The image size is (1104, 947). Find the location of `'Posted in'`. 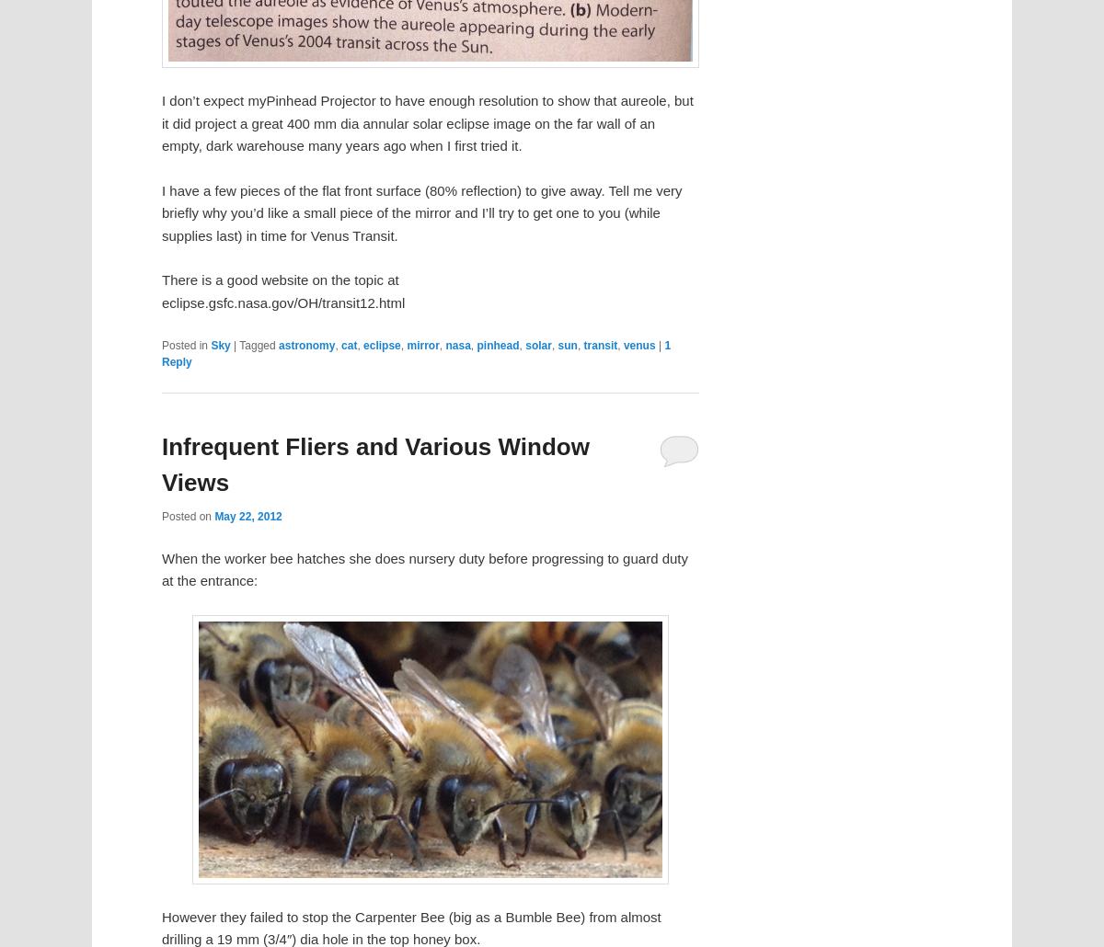

'Posted in' is located at coordinates (184, 345).